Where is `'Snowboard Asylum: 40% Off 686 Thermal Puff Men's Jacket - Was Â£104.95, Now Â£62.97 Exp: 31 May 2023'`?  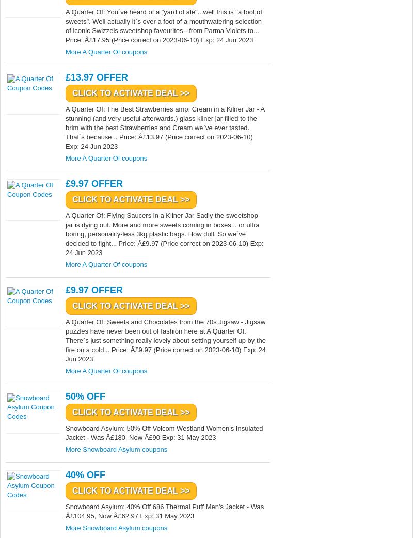
'Snowboard Asylum: 40% Off 686 Thermal Puff Men's Jacket - Was Â£104.95, Now Â£62.97 Exp: 31 May 2023' is located at coordinates (164, 511).